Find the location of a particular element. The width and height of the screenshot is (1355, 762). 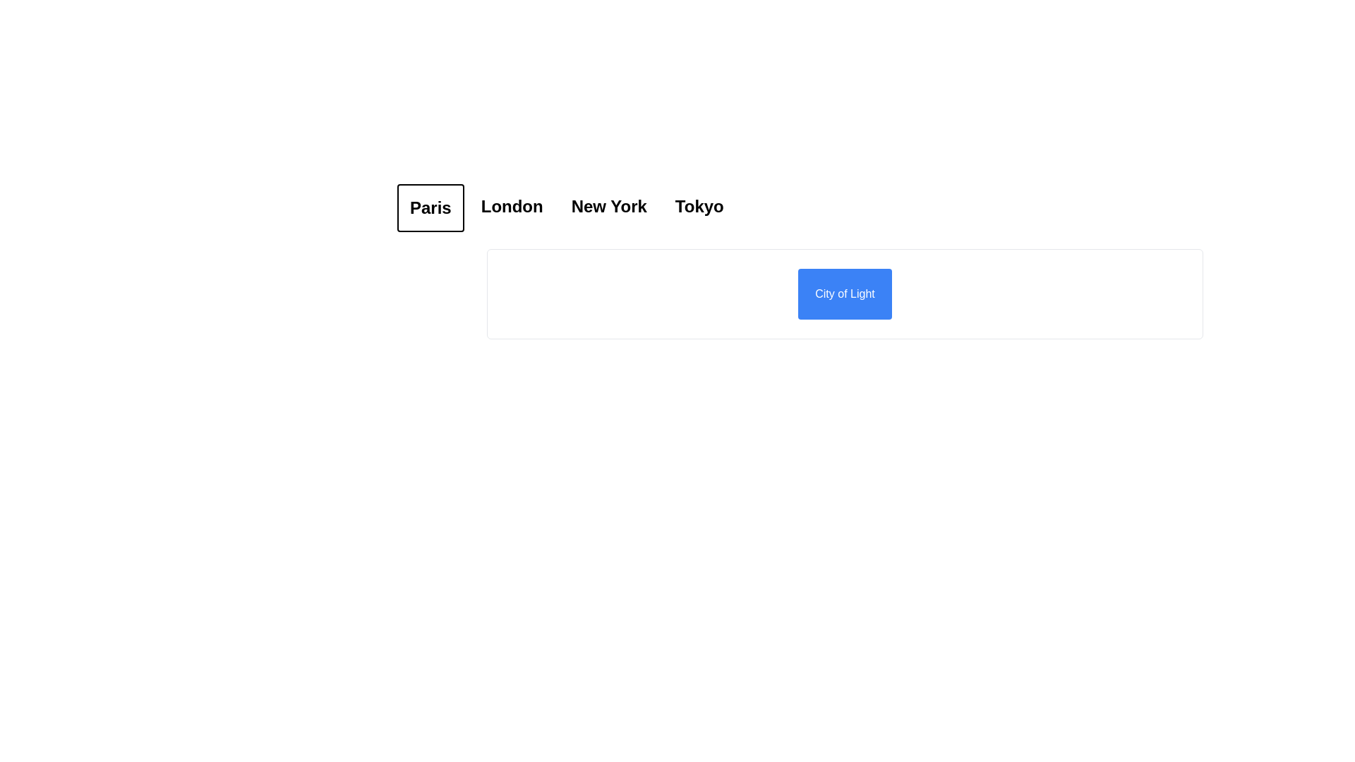

text label that displays 'London', which is the second element in a series of city names, positioned centrally in a horizontal list between 'Paris' and 'New York' is located at coordinates (511, 207).